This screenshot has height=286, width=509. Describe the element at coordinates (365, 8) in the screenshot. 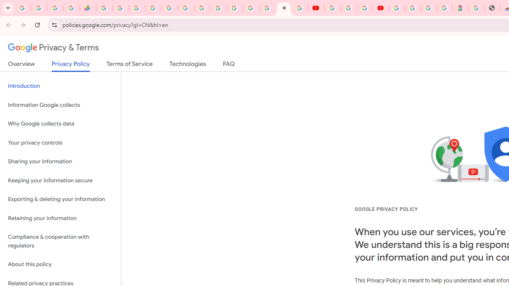

I see `'Create your Google Account'` at that location.